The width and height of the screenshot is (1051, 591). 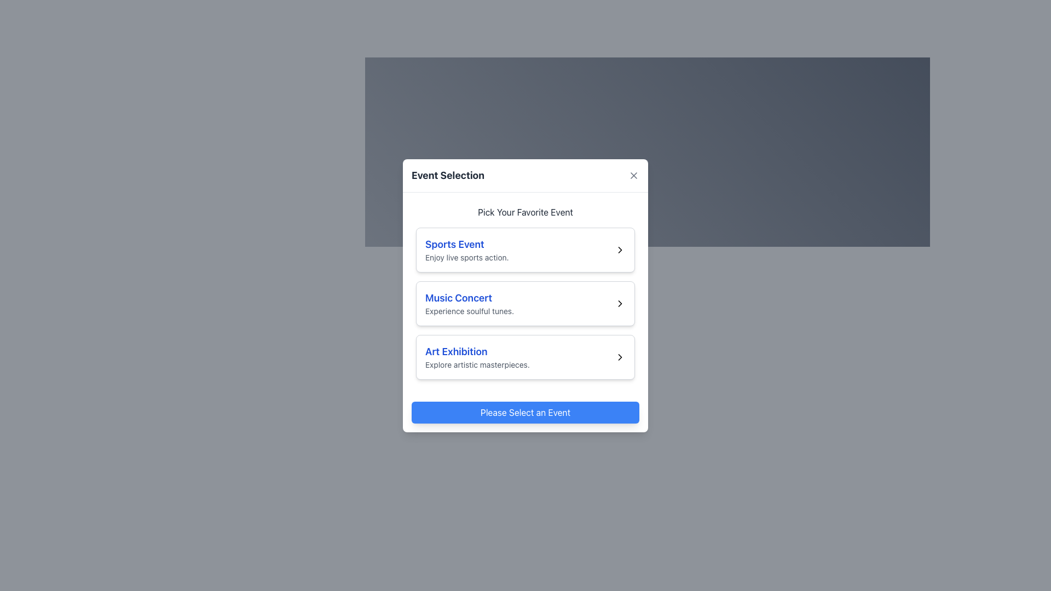 What do you see at coordinates (467, 250) in the screenshot?
I see `the 'Sports Event' option in the vertical list within the modal dialog, located above 'Music Concert' and below the header instruction` at bounding box center [467, 250].